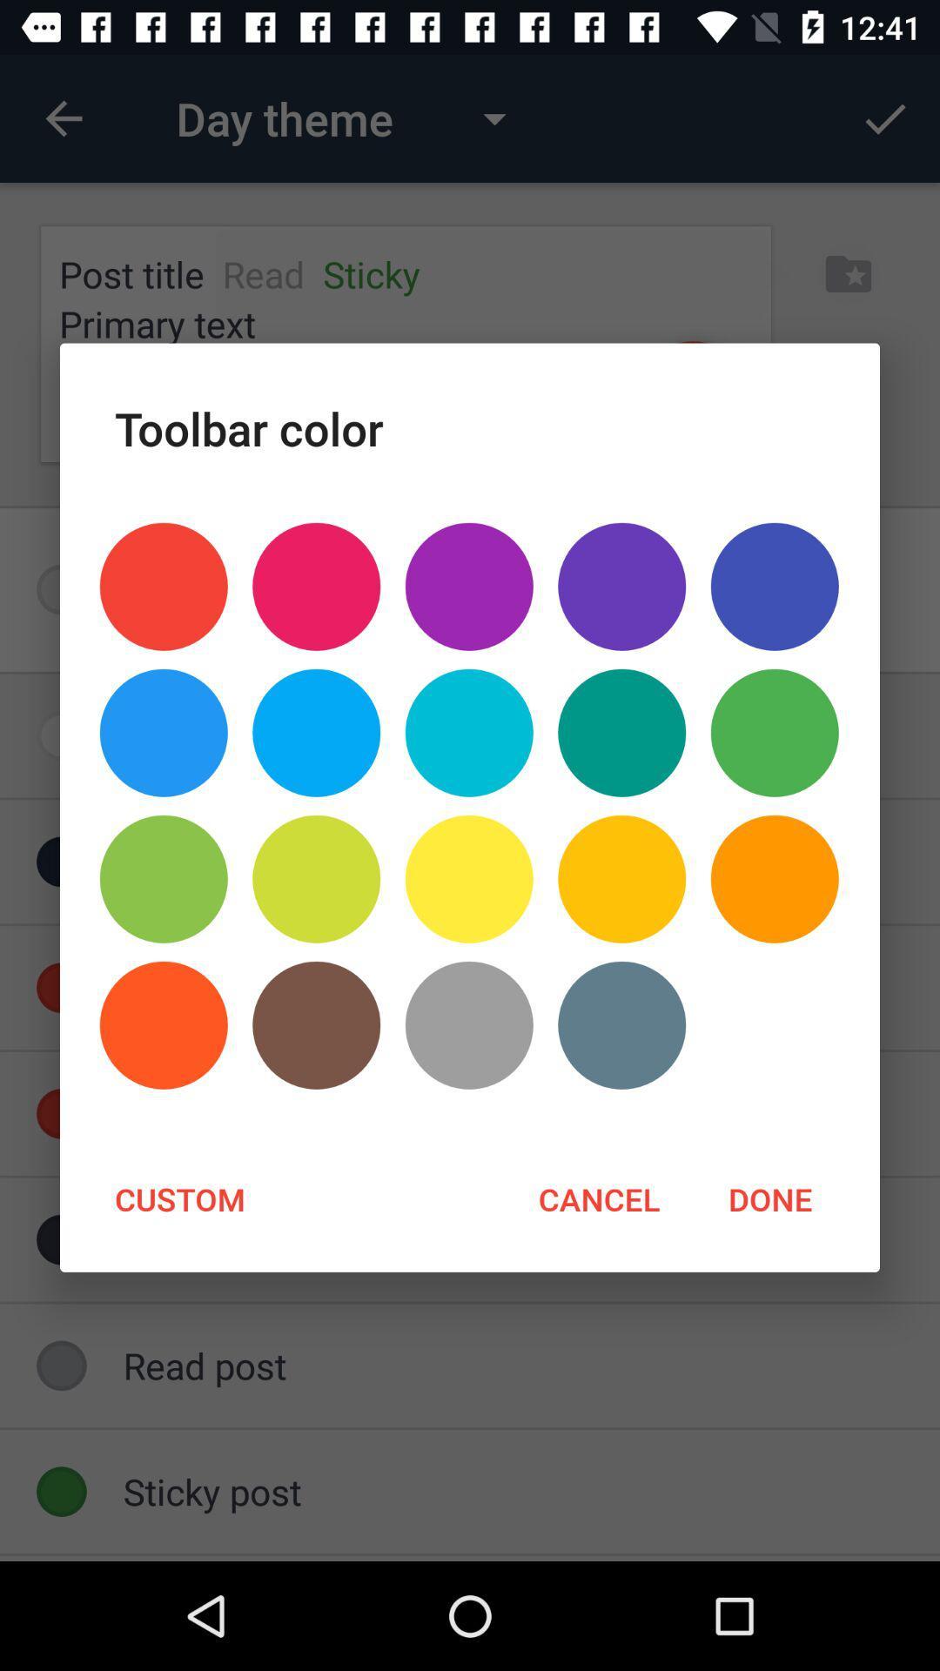 The height and width of the screenshot is (1671, 940). Describe the element at coordinates (180, 1198) in the screenshot. I see `icon to the left of cancel` at that location.